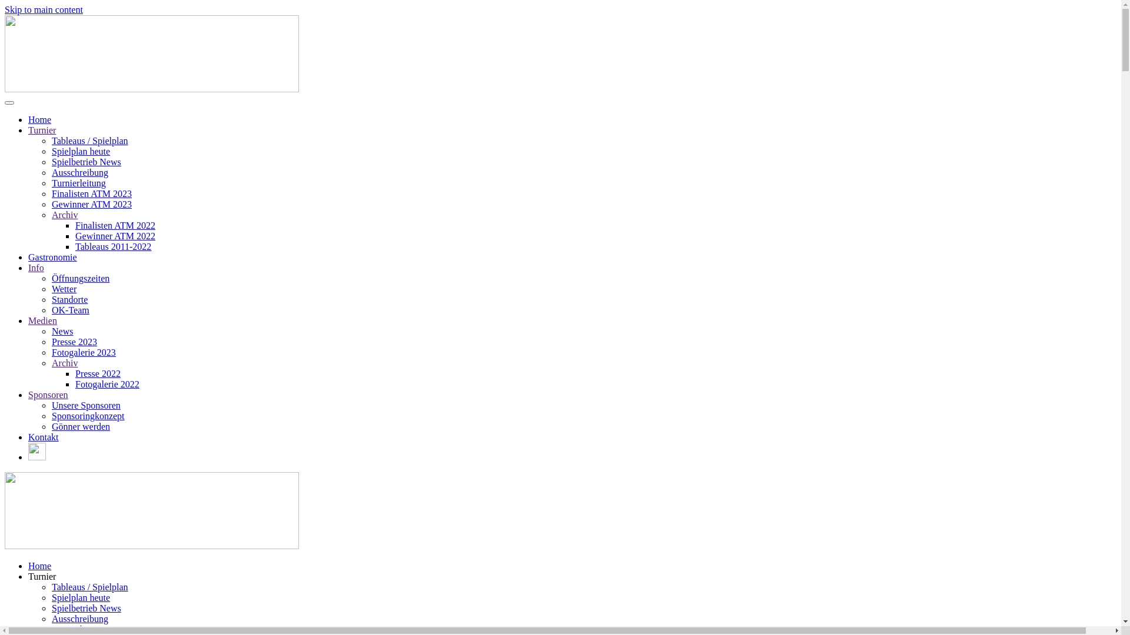 This screenshot has width=1130, height=635. Describe the element at coordinates (52, 256) in the screenshot. I see `'Gastronomie'` at that location.